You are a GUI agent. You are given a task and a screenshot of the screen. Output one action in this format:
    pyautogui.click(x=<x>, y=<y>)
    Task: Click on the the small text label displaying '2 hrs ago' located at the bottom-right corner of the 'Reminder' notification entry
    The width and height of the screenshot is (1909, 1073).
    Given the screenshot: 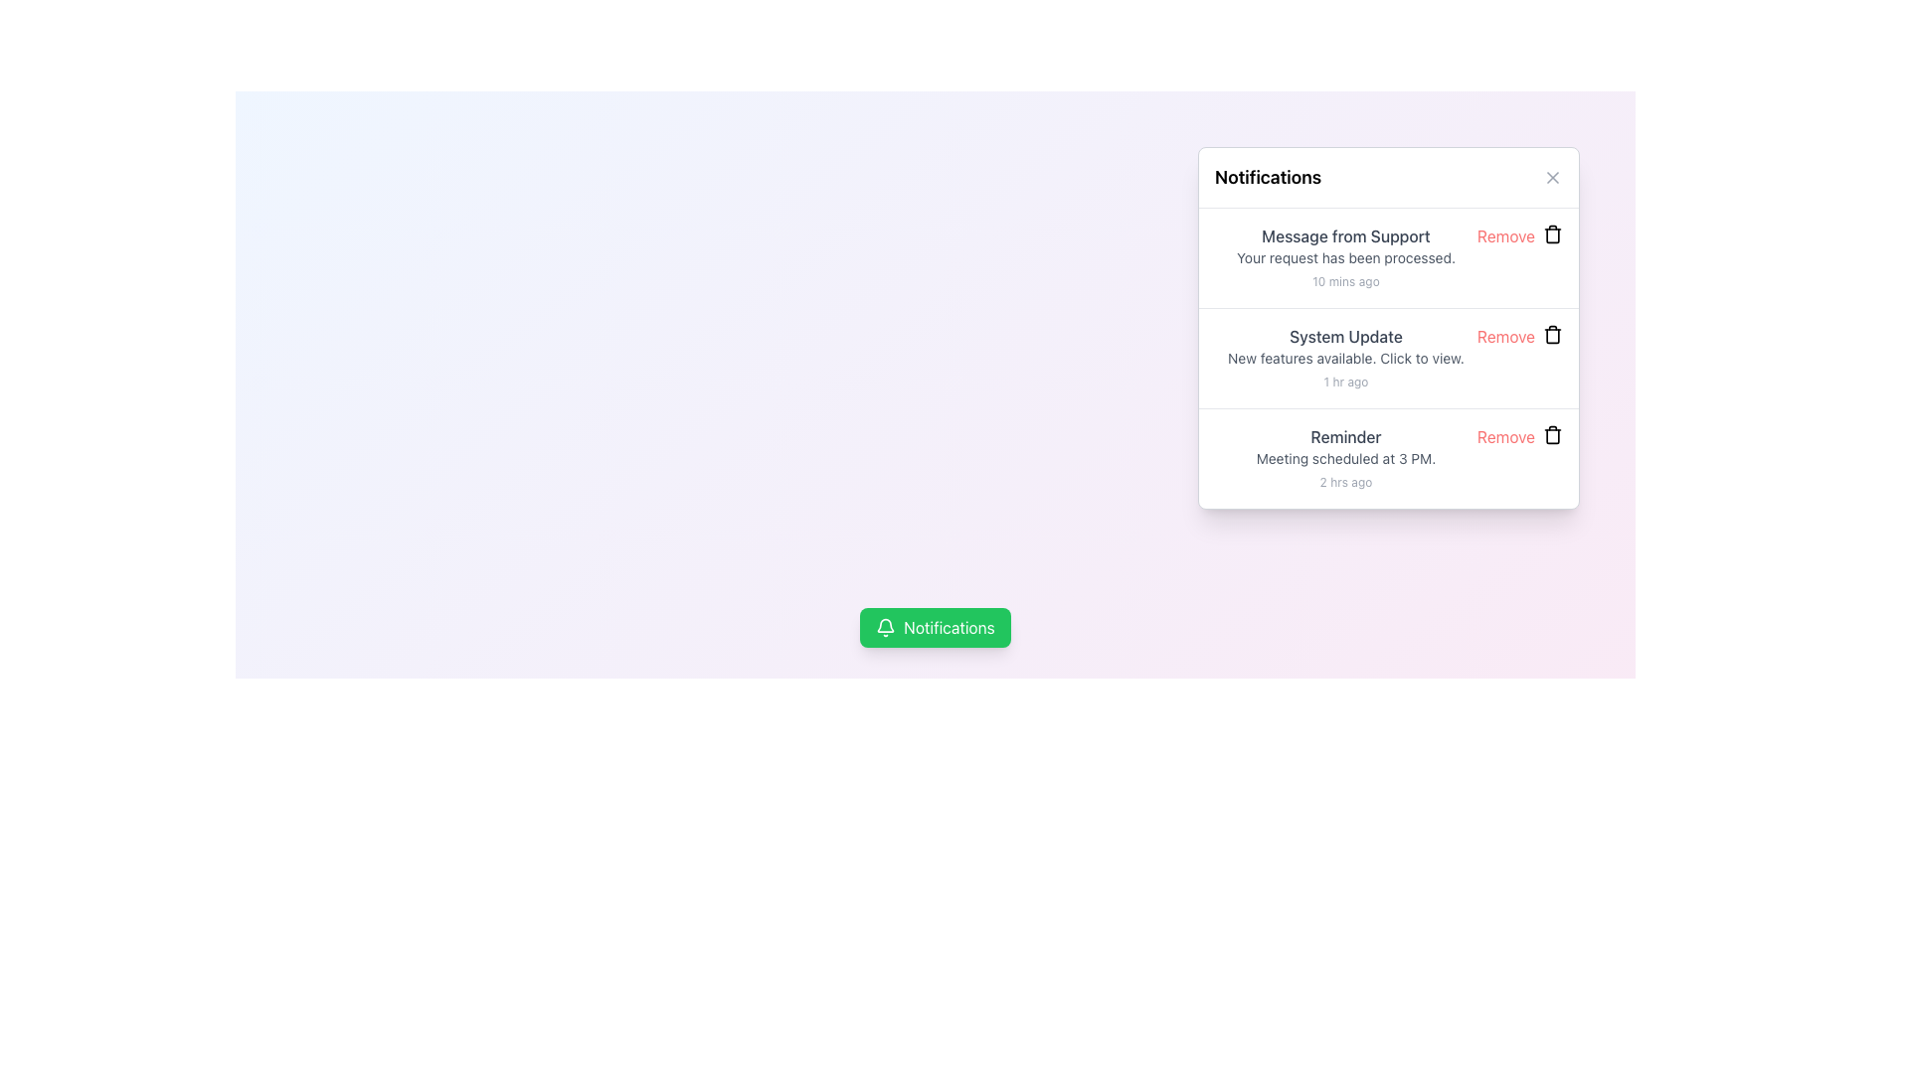 What is the action you would take?
    pyautogui.click(x=1345, y=482)
    